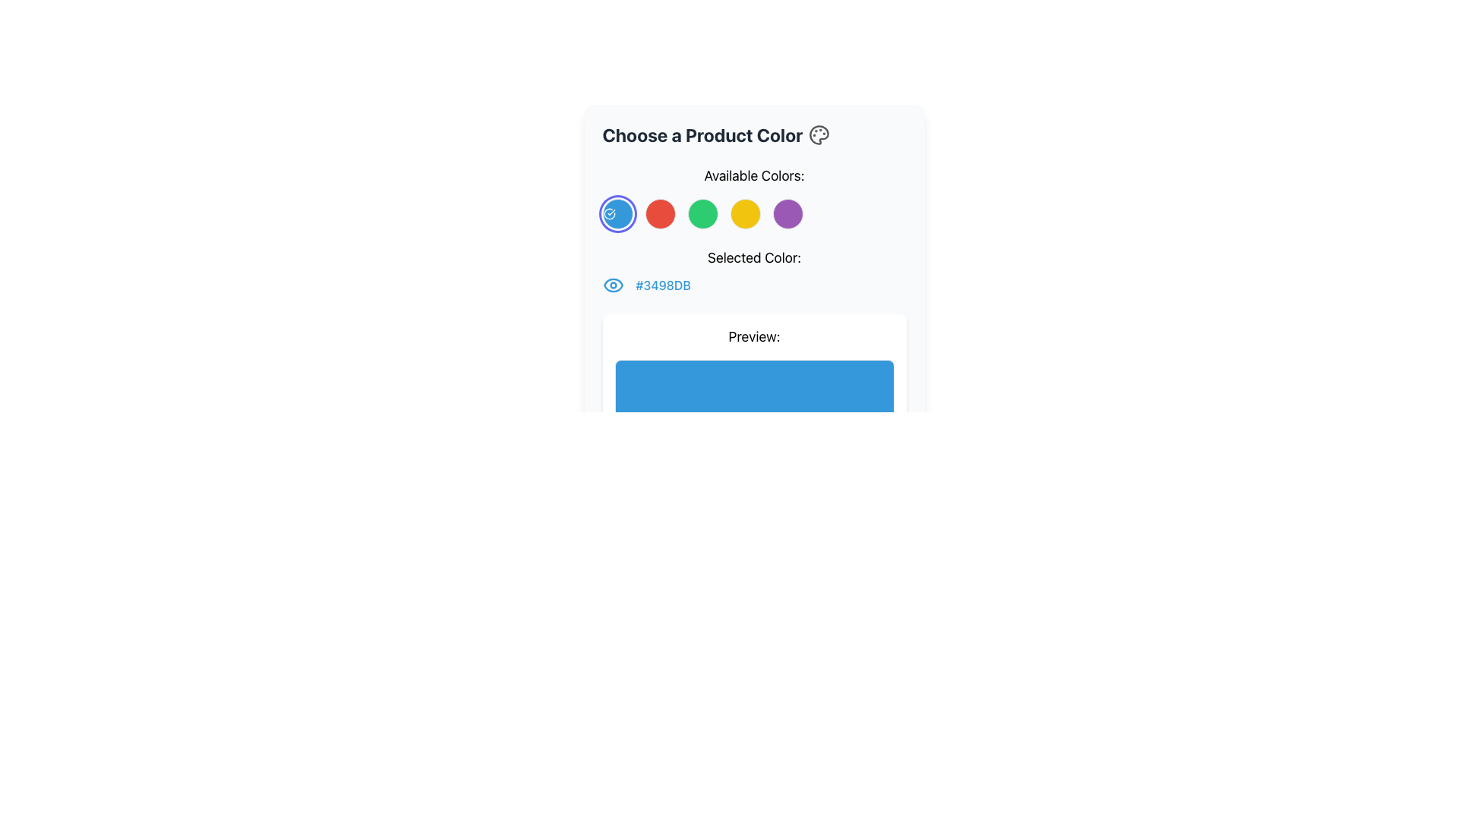 The height and width of the screenshot is (820, 1458). What do you see at coordinates (754, 213) in the screenshot?
I see `the fourth yellow circular button in the row of selectable color options under 'Available Colors:'` at bounding box center [754, 213].